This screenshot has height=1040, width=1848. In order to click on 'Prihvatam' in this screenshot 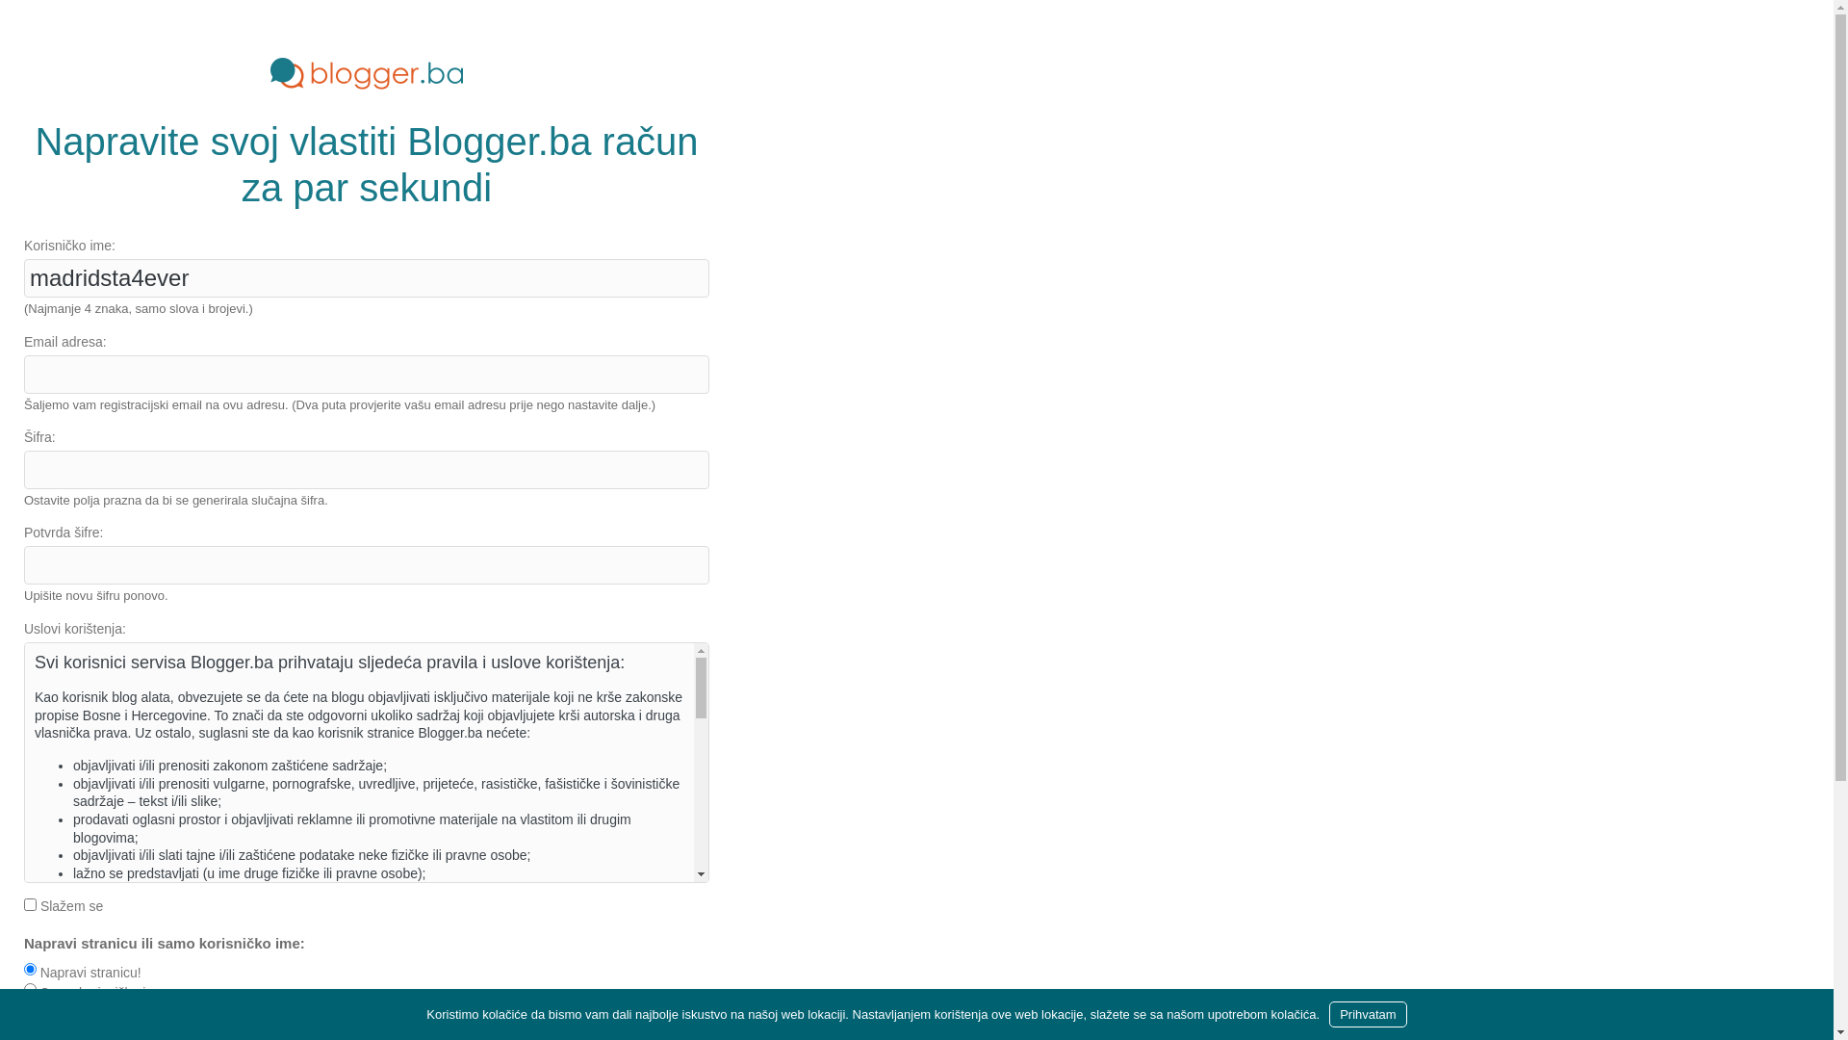, I will do `click(1367, 1013)`.